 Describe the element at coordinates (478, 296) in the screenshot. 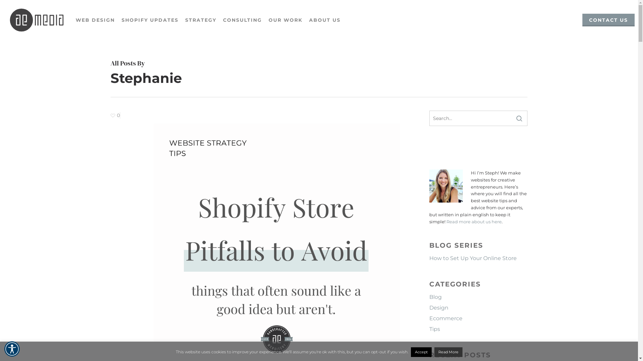

I see `'Blog'` at that location.